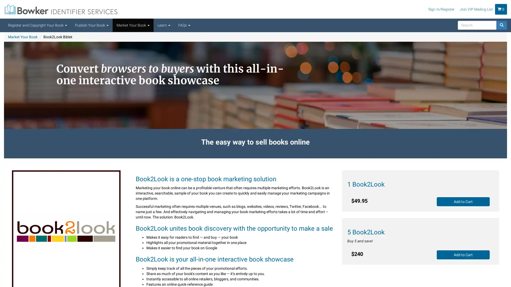 Image resolution: width=511 pixels, height=287 pixels. What do you see at coordinates (474, 32) in the screenshot?
I see `Search` at bounding box center [474, 32].